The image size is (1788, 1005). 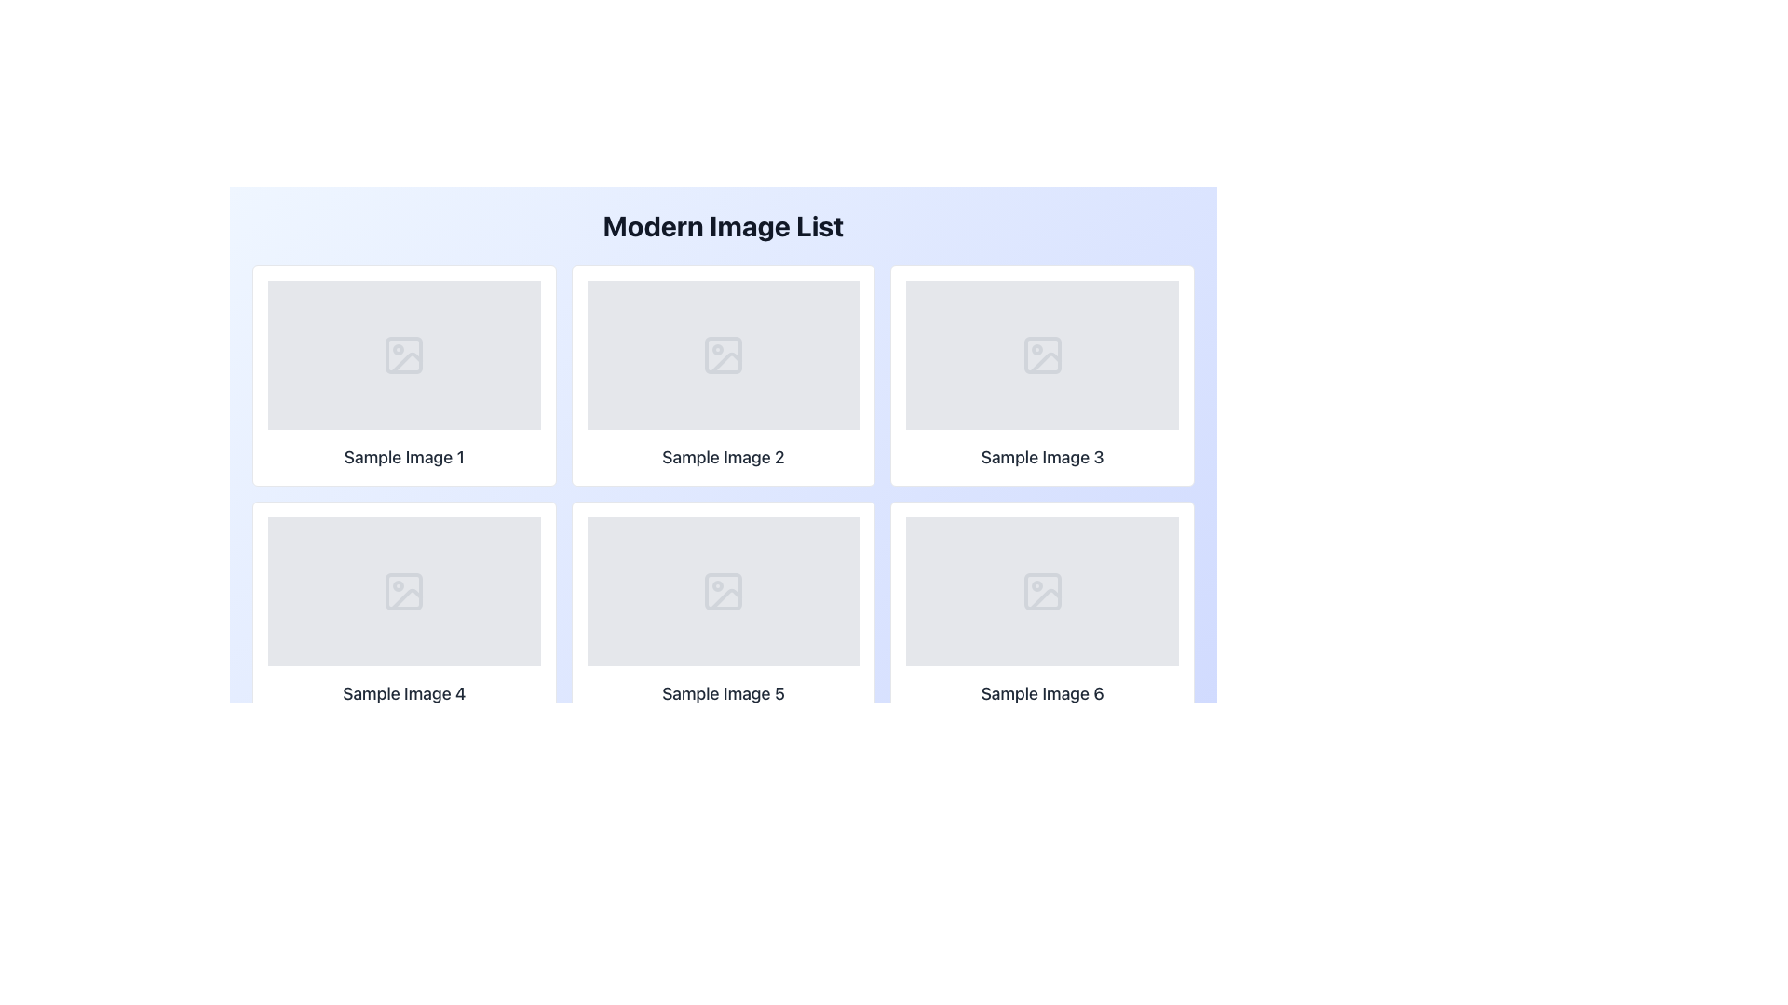 What do you see at coordinates (723, 458) in the screenshot?
I see `the text label located directly below the thumbnail labeled 'Sample Image 2' in the second column of the first row, which provides a description for the associated image` at bounding box center [723, 458].